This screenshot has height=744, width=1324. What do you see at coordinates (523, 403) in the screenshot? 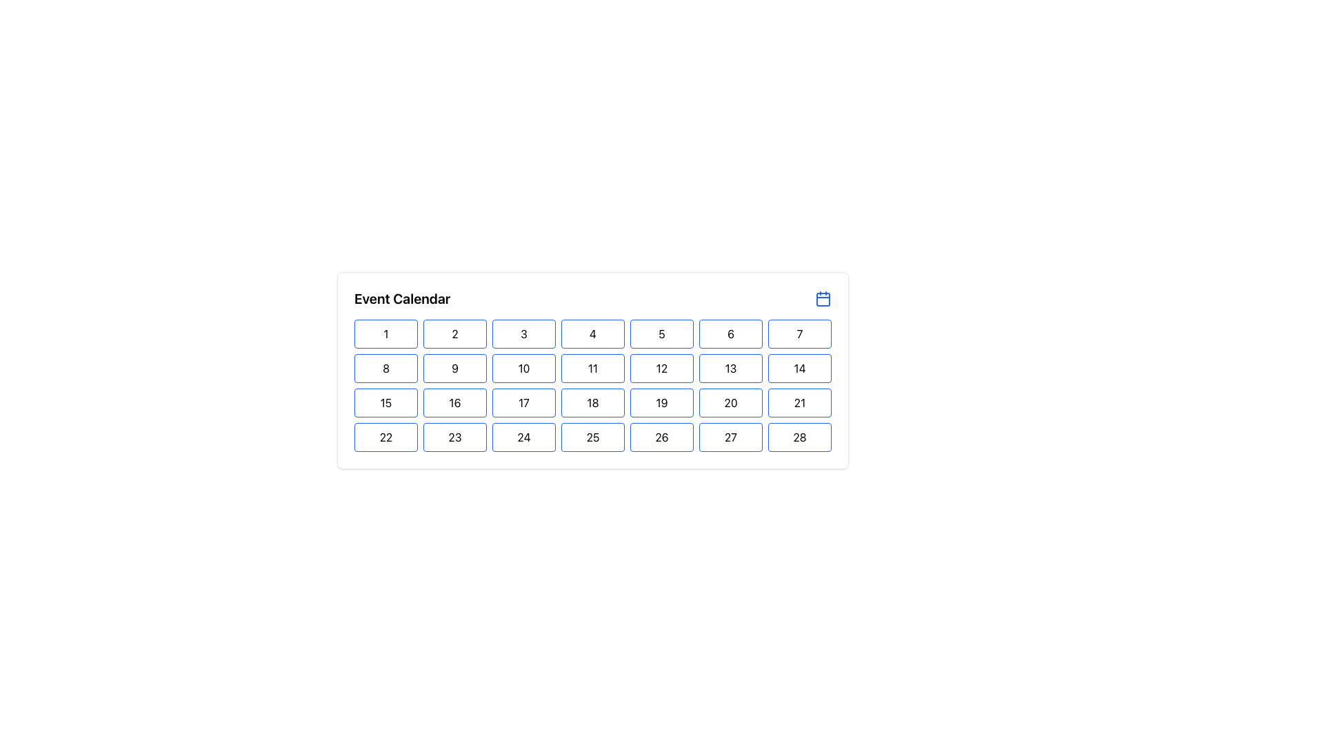
I see `the rectangular button with the text '17', outlined in blue and emphasized with a red border, located in the Event Calendar section` at bounding box center [523, 403].